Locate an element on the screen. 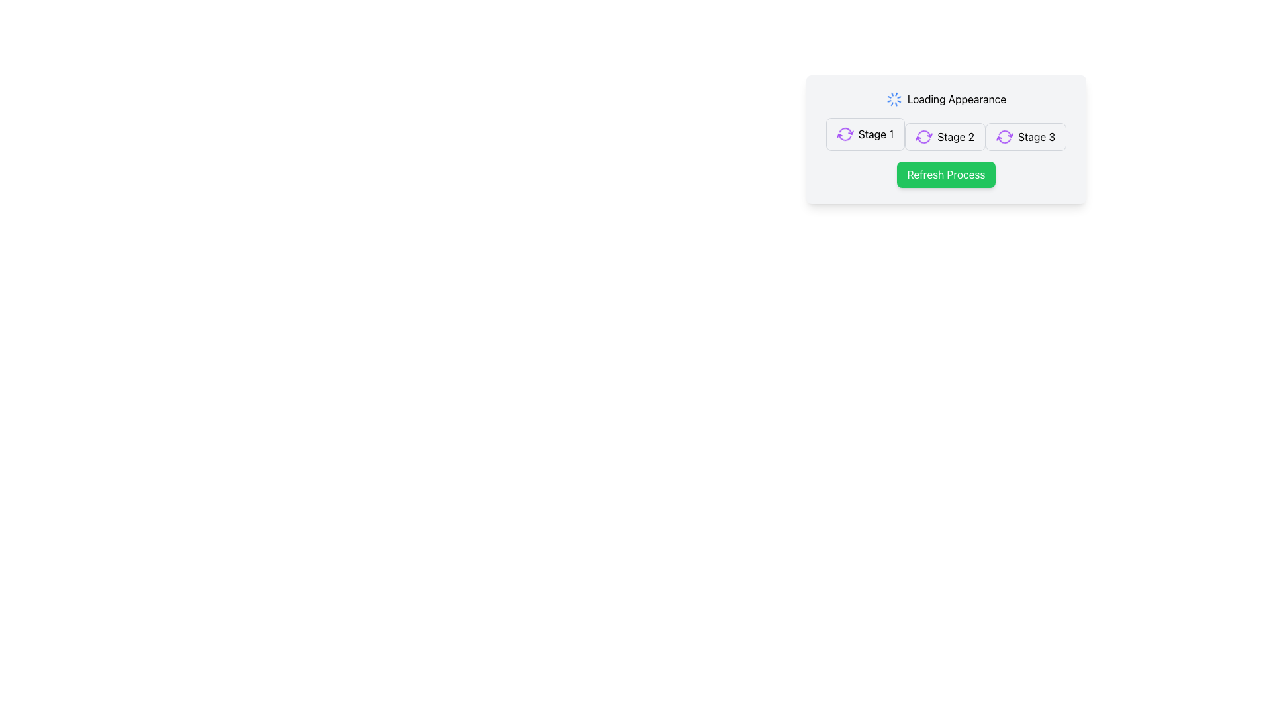 The height and width of the screenshot is (715, 1271). the Label with Icon that contains a purple rotating icon and the text 'Stage 1', positioned in the top-left corner of a horizontal list is located at coordinates (865, 134).